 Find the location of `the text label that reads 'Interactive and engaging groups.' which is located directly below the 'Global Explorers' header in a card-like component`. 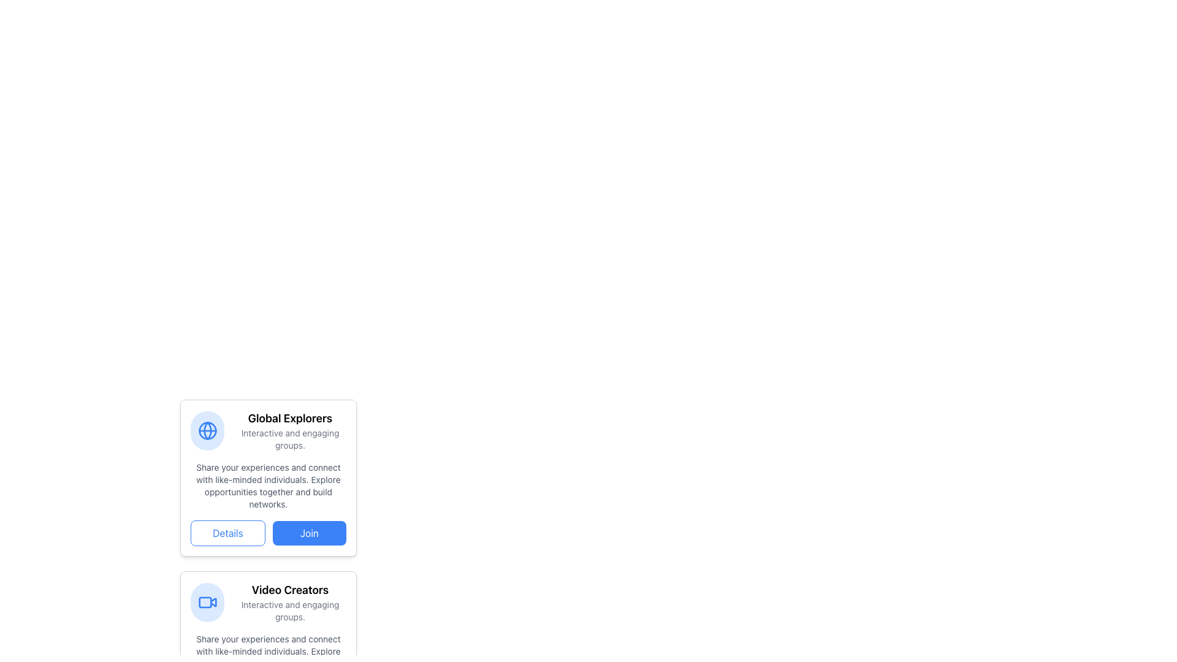

the text label that reads 'Interactive and engaging groups.' which is located directly below the 'Global Explorers' header in a card-like component is located at coordinates (289, 439).